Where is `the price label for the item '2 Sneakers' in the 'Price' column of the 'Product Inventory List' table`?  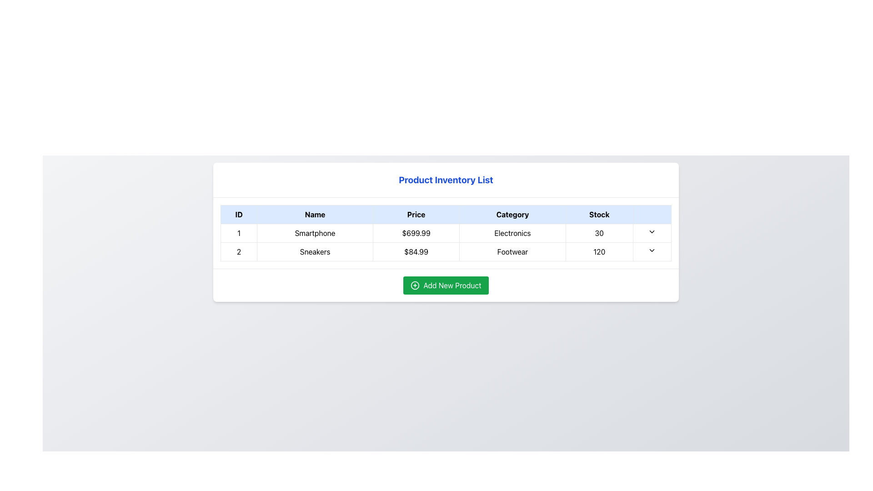 the price label for the item '2 Sneakers' in the 'Price' column of the 'Product Inventory List' table is located at coordinates (416, 252).